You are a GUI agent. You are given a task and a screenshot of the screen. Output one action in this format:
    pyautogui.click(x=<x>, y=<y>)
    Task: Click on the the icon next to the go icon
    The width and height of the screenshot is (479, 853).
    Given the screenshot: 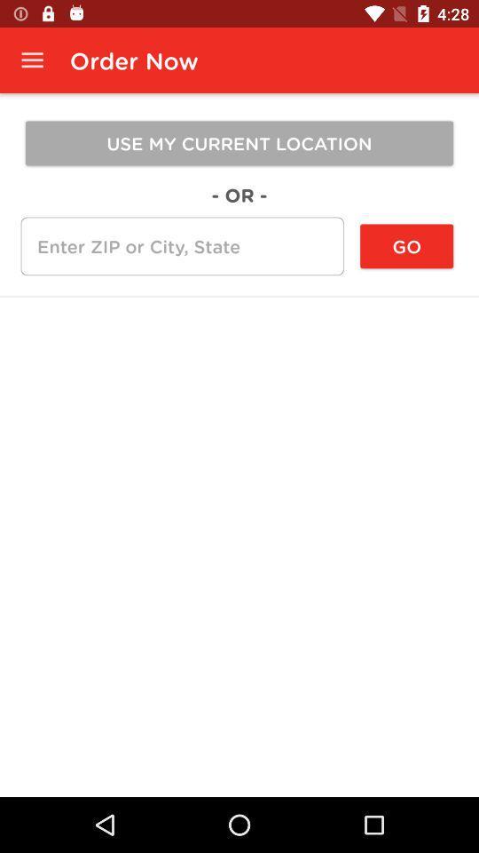 What is the action you would take?
    pyautogui.click(x=181, y=245)
    